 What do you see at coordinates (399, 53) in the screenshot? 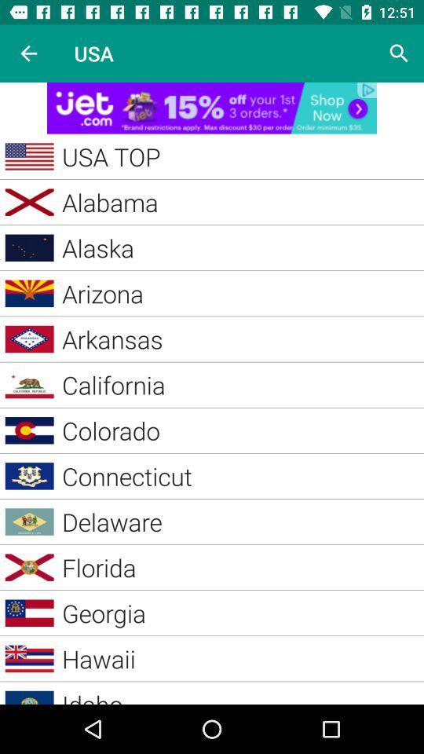
I see `settings option` at bounding box center [399, 53].